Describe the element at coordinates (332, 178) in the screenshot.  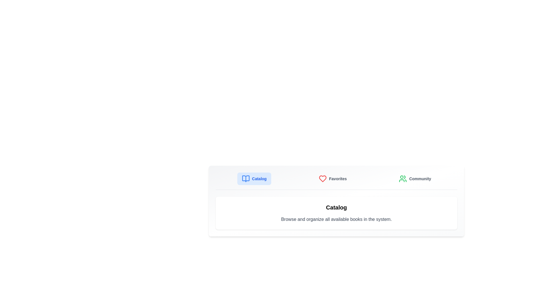
I see `the Favorites tab to observe visual feedback` at that location.